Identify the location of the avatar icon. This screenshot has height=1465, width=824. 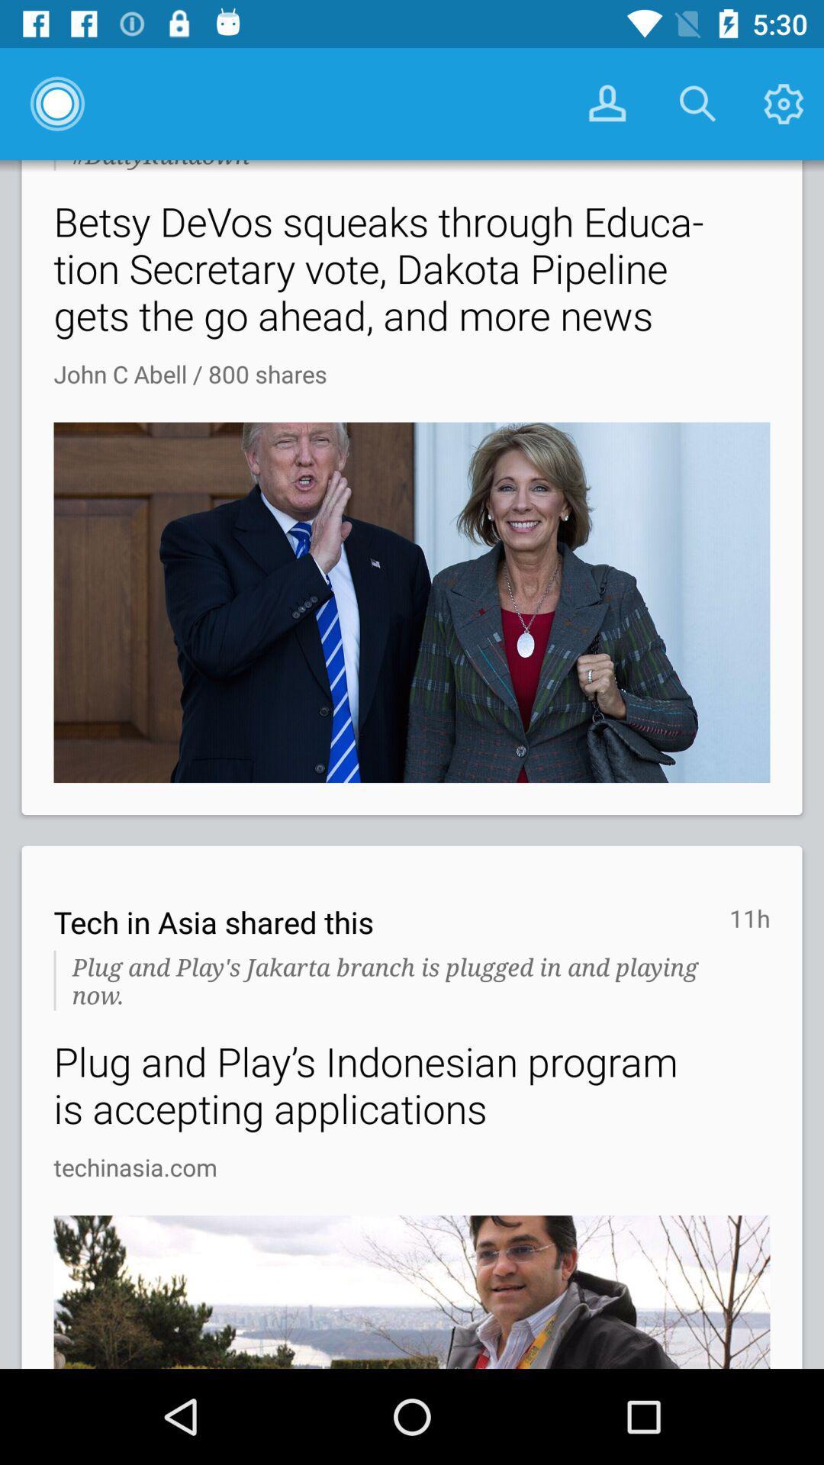
(605, 103).